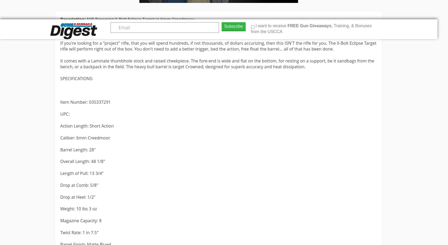  I want to click on 'Twist Rate: 1 in 7.5"', so click(79, 232).